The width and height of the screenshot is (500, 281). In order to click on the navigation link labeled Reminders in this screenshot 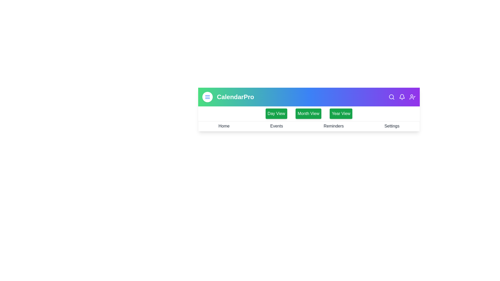, I will do `click(334, 126)`.